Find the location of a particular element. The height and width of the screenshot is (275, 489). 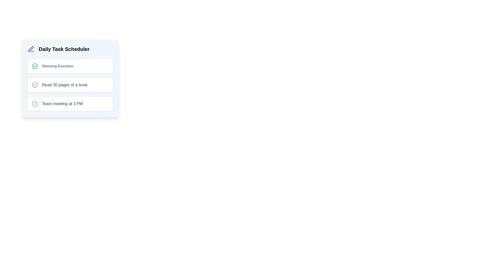

the static text element displaying 'Team meeting at 3 PM', which is styled in gray and is part of the last item in a vertical list of task items is located at coordinates (62, 104).